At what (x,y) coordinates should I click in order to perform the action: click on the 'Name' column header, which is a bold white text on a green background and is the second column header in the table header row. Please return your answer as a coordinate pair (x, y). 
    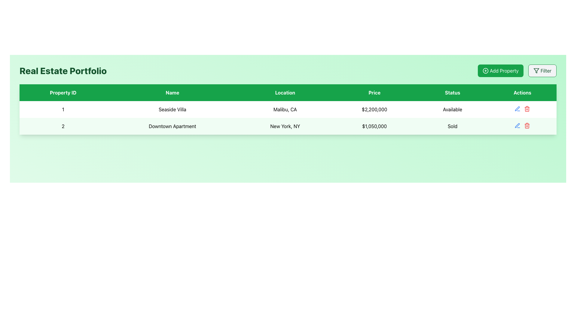
    Looking at the image, I should click on (172, 92).